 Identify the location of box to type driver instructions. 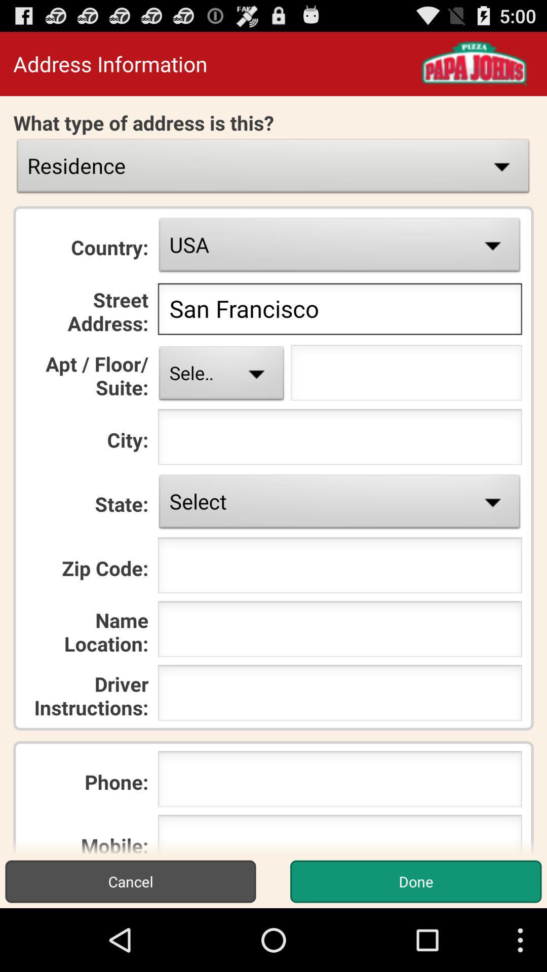
(340, 695).